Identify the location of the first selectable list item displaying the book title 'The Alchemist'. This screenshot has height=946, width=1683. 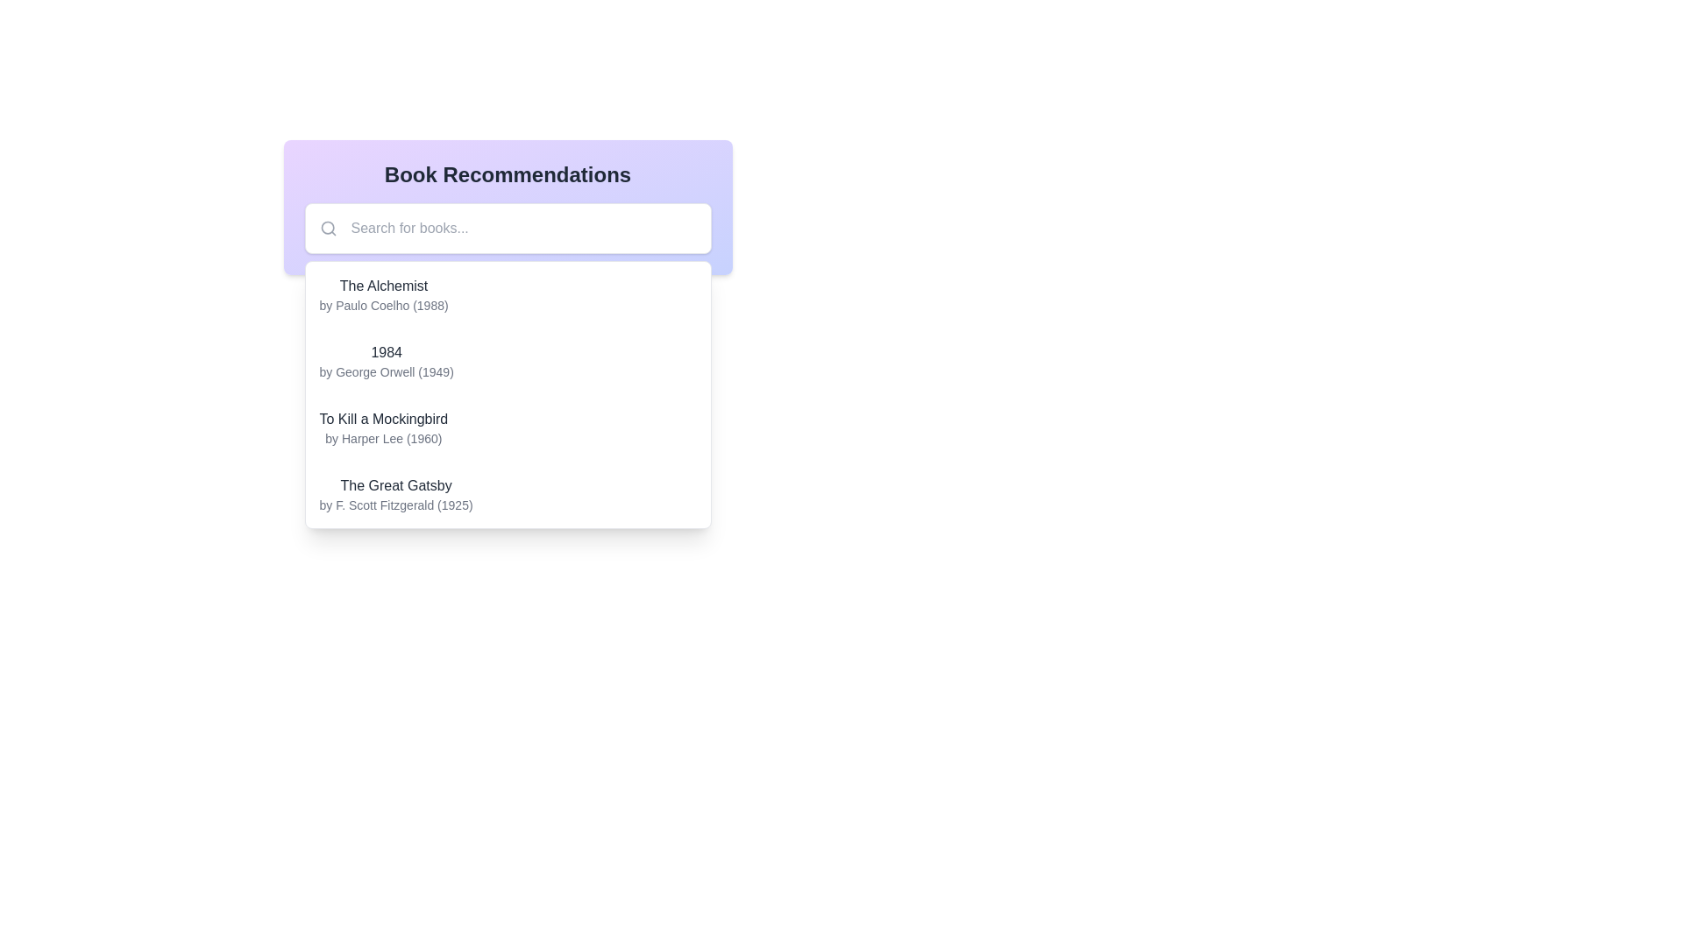
(507, 293).